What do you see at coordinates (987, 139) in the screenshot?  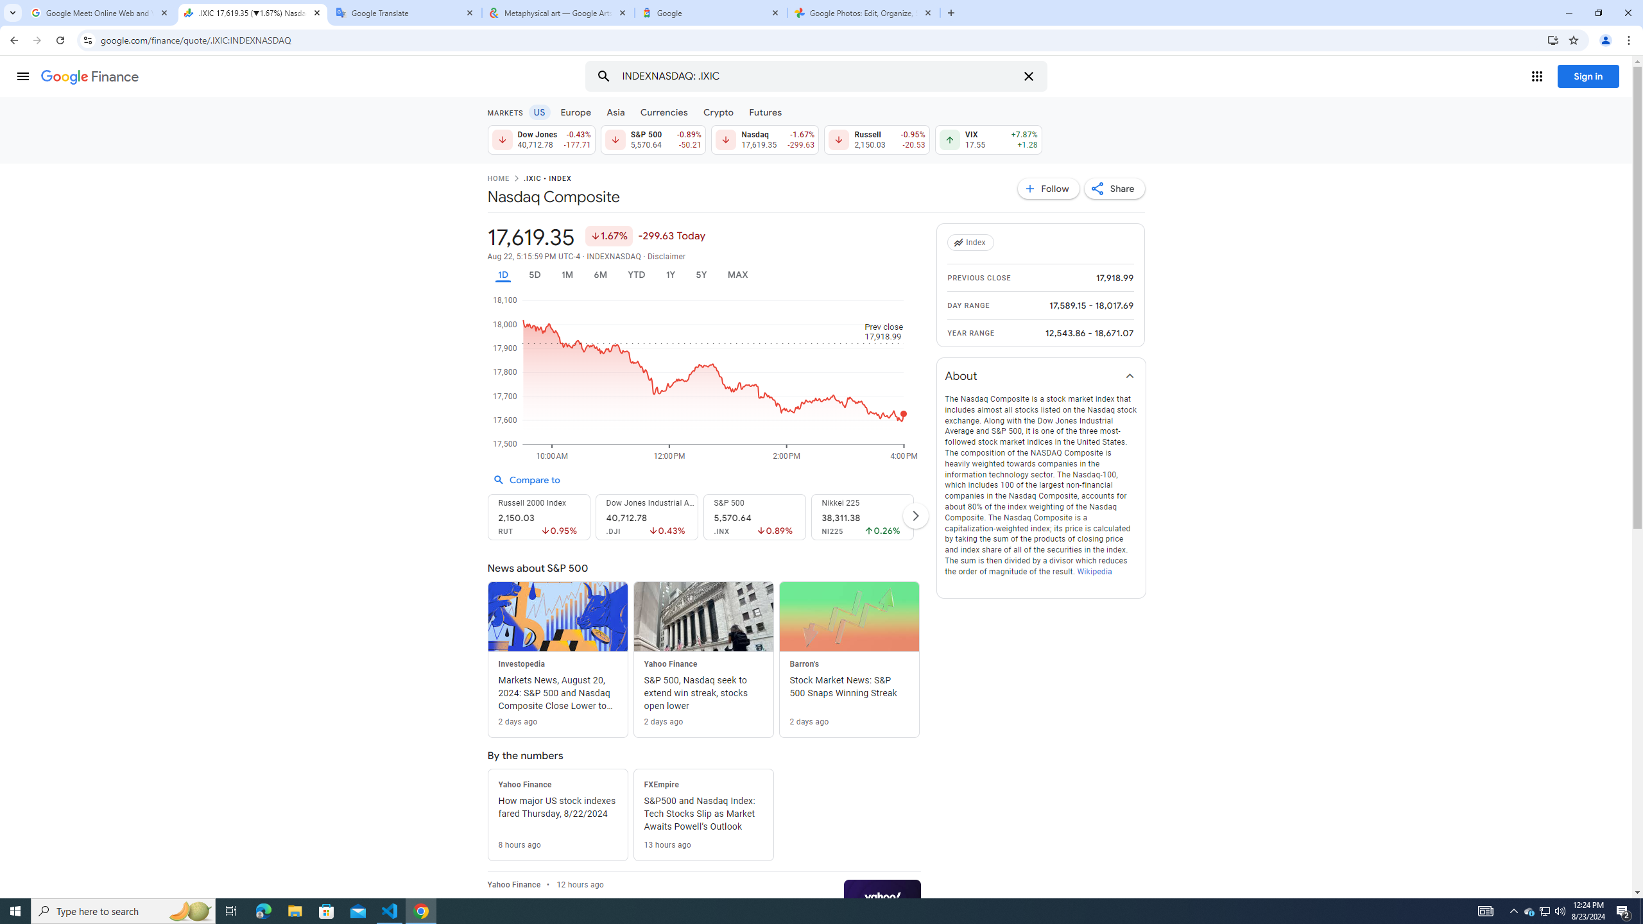 I see `'VIX 17.55 Up by 7.87% +1.28'` at bounding box center [987, 139].